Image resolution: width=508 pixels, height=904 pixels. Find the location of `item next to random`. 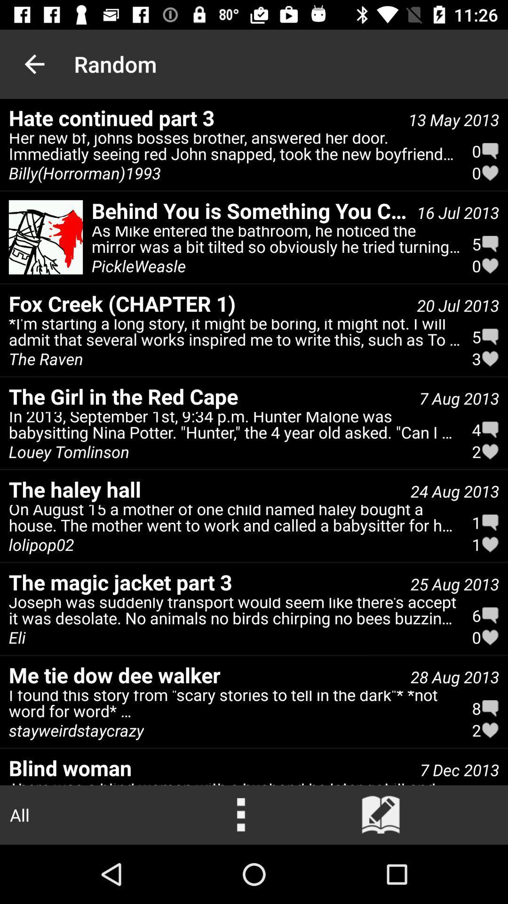

item next to random is located at coordinates (34, 64).